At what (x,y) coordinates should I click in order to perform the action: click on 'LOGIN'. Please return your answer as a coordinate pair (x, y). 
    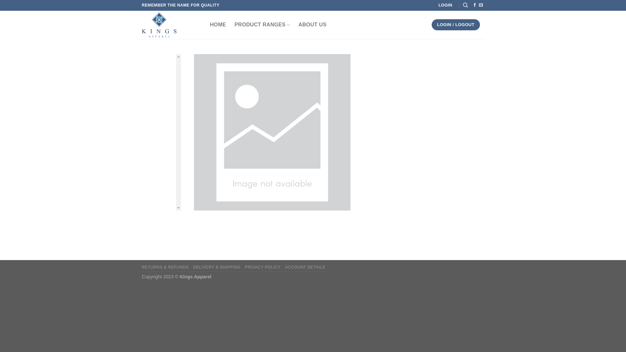
    Looking at the image, I should click on (445, 5).